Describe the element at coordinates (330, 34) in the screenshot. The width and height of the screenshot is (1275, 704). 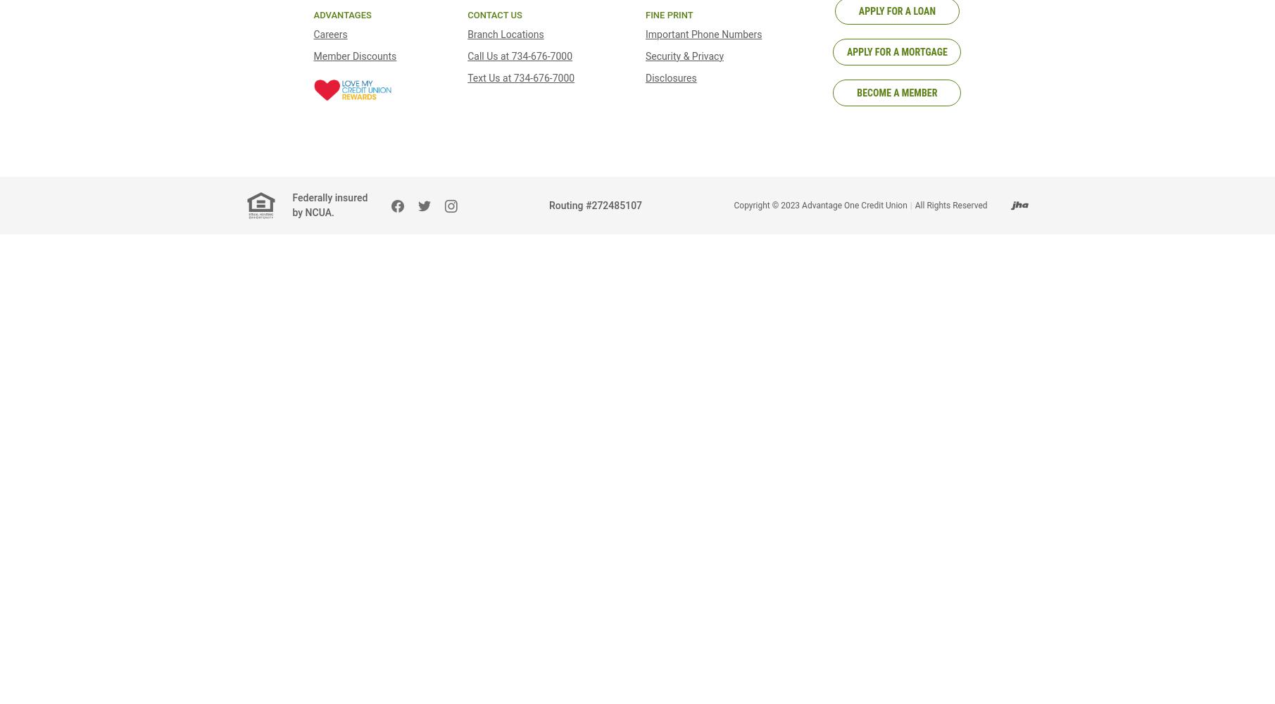
I see `'Careers'` at that location.